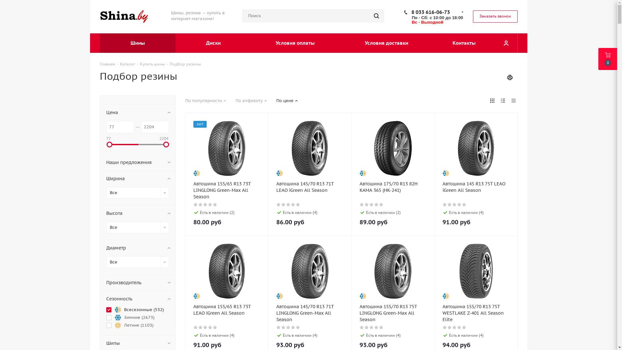 The width and height of the screenshot is (622, 350). Describe the element at coordinates (431, 12) in the screenshot. I see `'8 033 616-06-73'` at that location.